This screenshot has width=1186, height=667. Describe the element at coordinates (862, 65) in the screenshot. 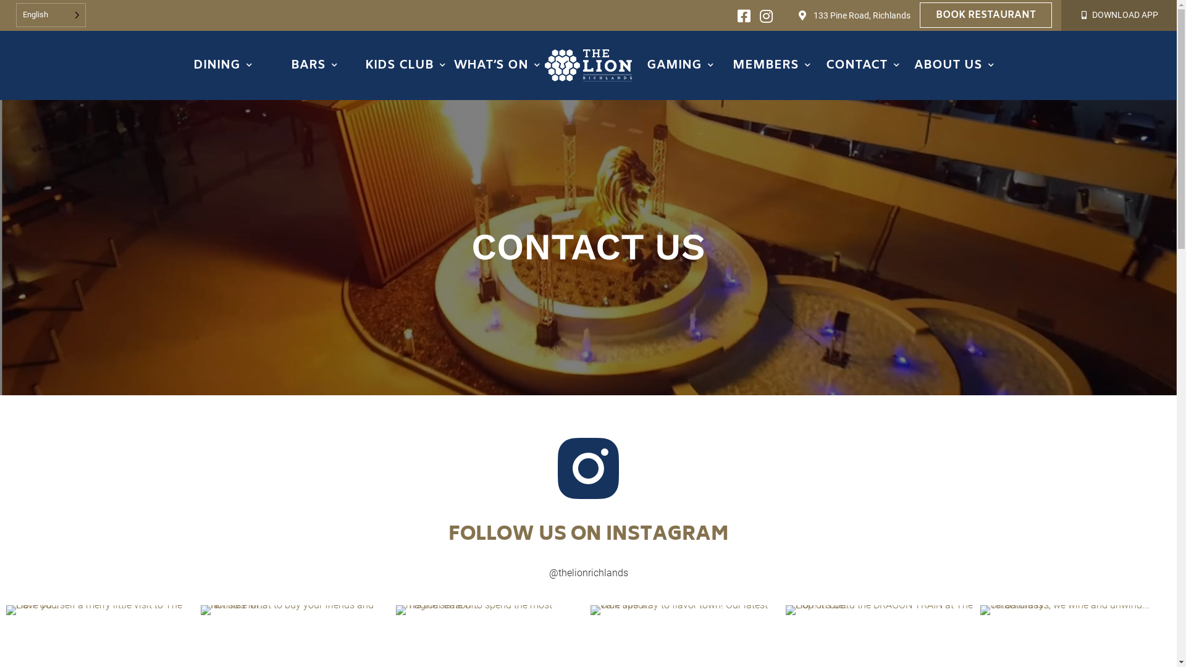

I see `'CONTACT'` at that location.